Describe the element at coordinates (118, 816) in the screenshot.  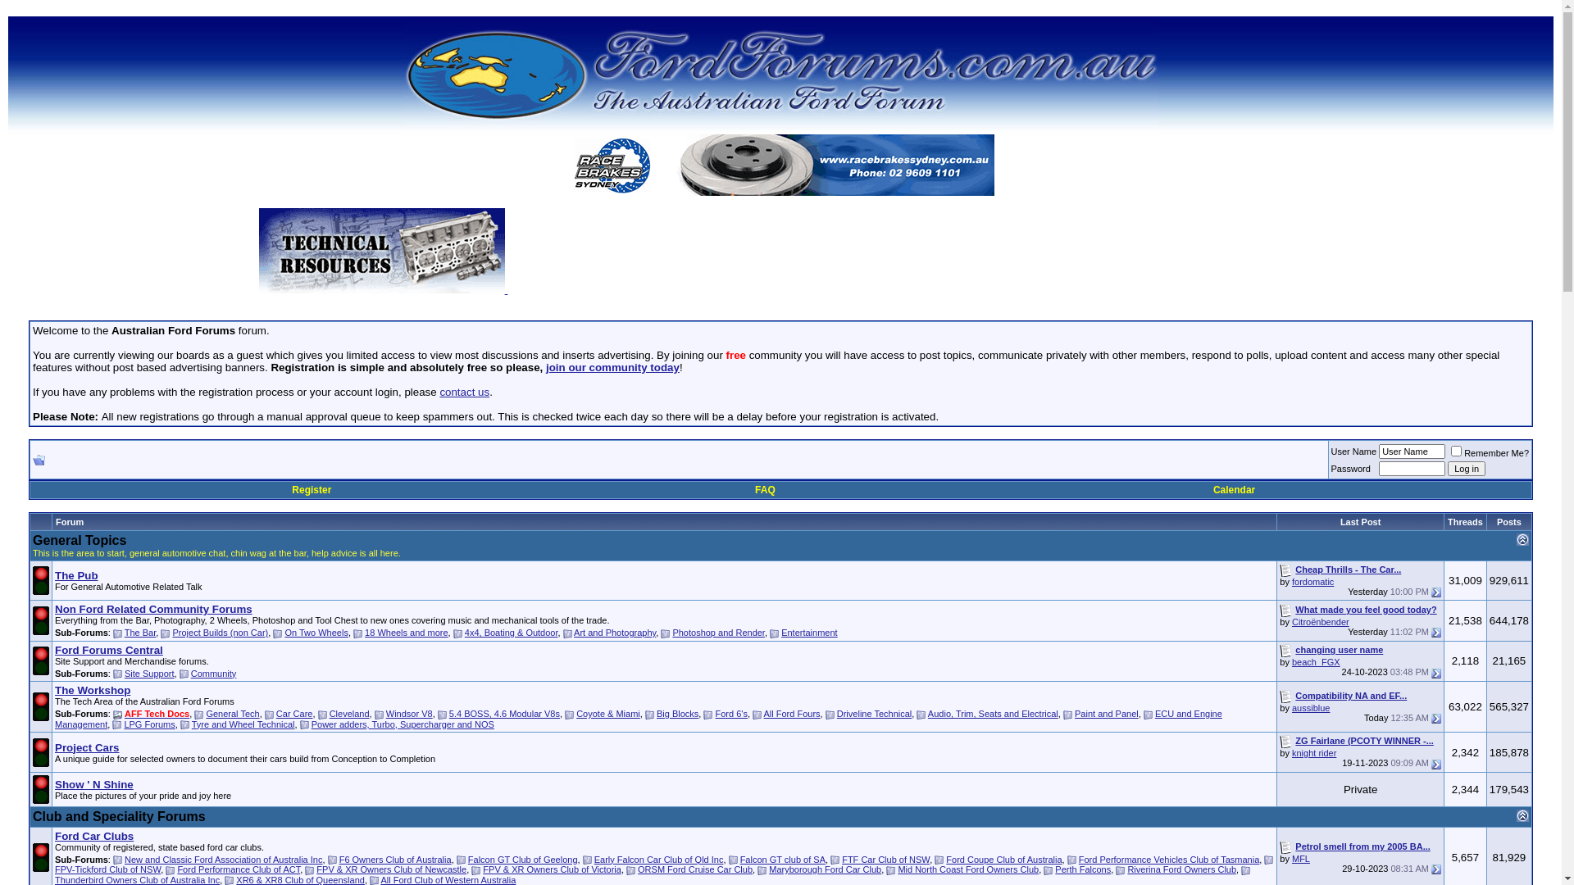
I see `'Club and Speciality Forums'` at that location.